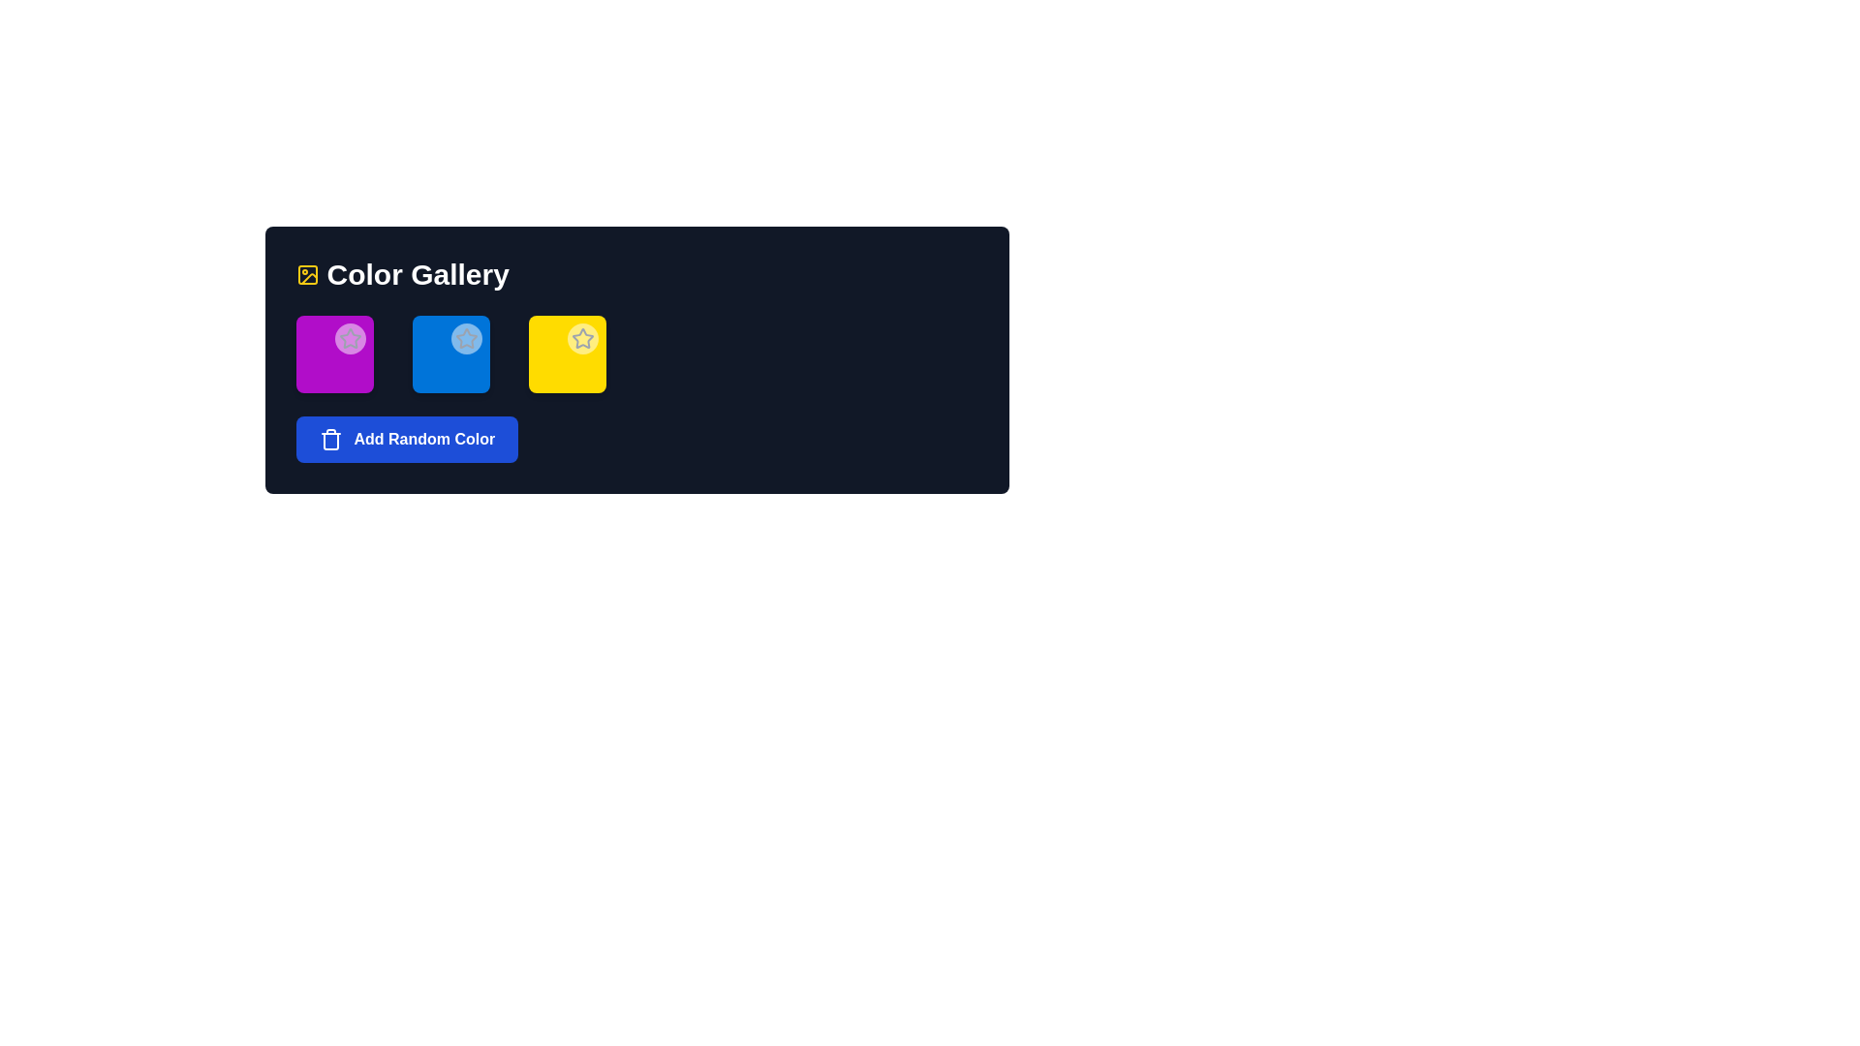  I want to click on the trash icon located on the left side of the 'Add Random Color' button, so click(330, 440).